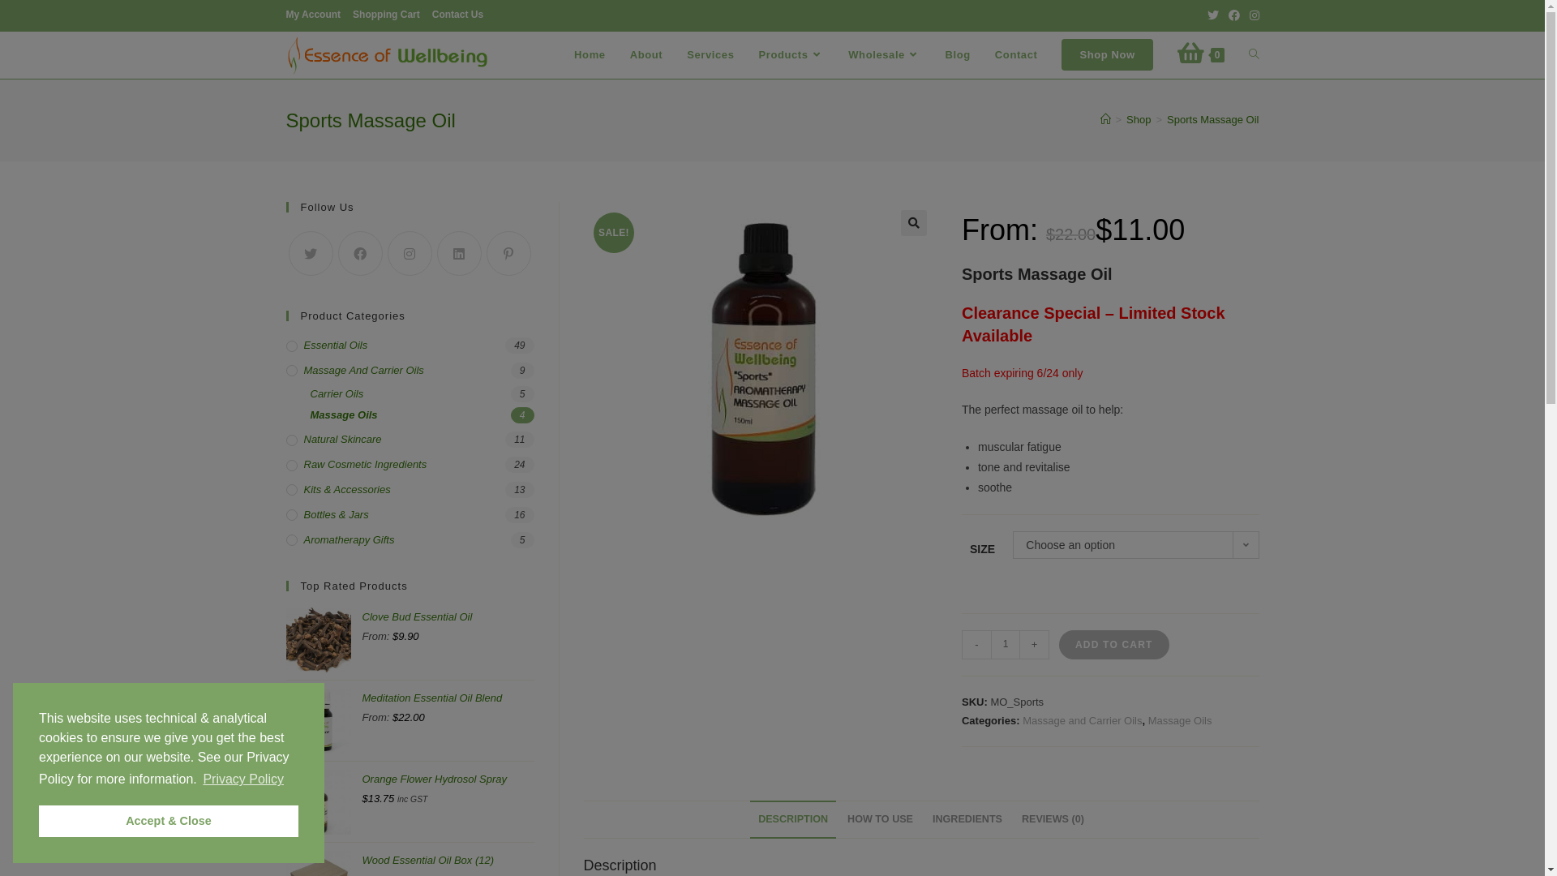  What do you see at coordinates (1137, 118) in the screenshot?
I see `'Shop'` at bounding box center [1137, 118].